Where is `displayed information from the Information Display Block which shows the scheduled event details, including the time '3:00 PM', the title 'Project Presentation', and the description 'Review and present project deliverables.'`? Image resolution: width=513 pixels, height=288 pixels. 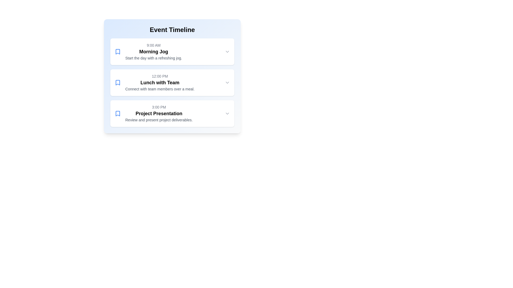 displayed information from the Information Display Block which shows the scheduled event details, including the time '3:00 PM', the title 'Project Presentation', and the description 'Review and present project deliverables.' is located at coordinates (159, 113).